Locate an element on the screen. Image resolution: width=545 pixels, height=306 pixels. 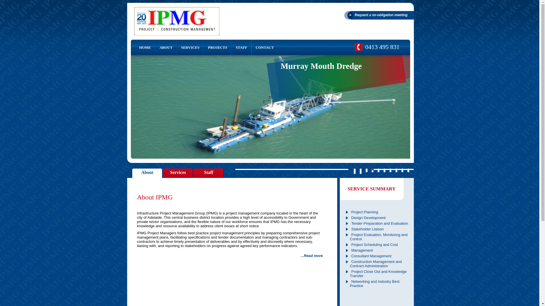
'14' is located at coordinates (372, 171).